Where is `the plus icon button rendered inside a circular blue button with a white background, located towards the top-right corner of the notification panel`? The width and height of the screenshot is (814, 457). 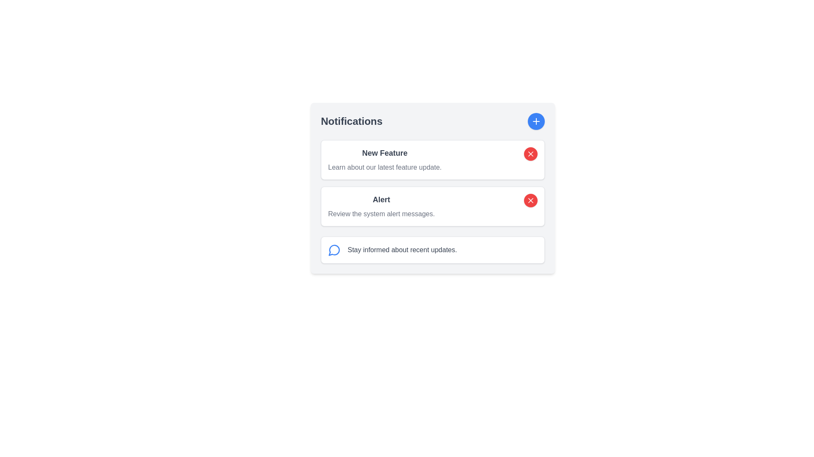
the plus icon button rendered inside a circular blue button with a white background, located towards the top-right corner of the notification panel is located at coordinates (536, 121).